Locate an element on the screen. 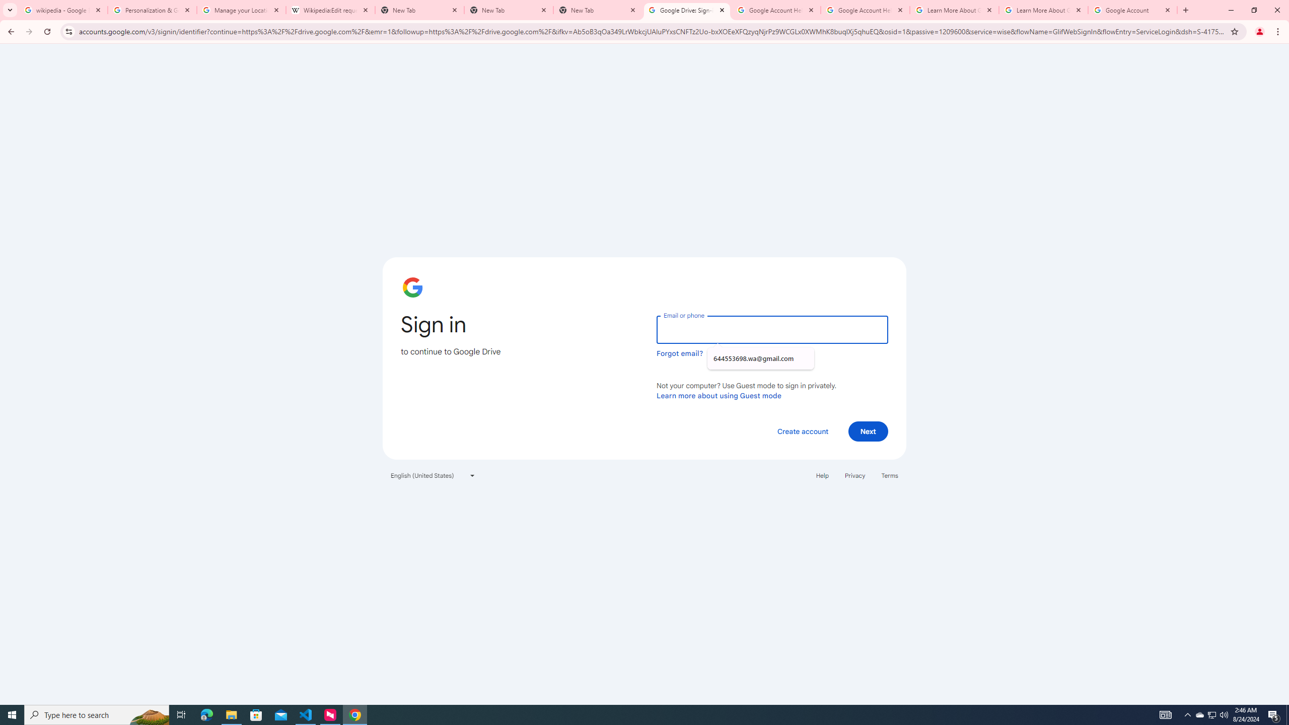  'Manage your Location History - Google Search Help' is located at coordinates (240, 10).